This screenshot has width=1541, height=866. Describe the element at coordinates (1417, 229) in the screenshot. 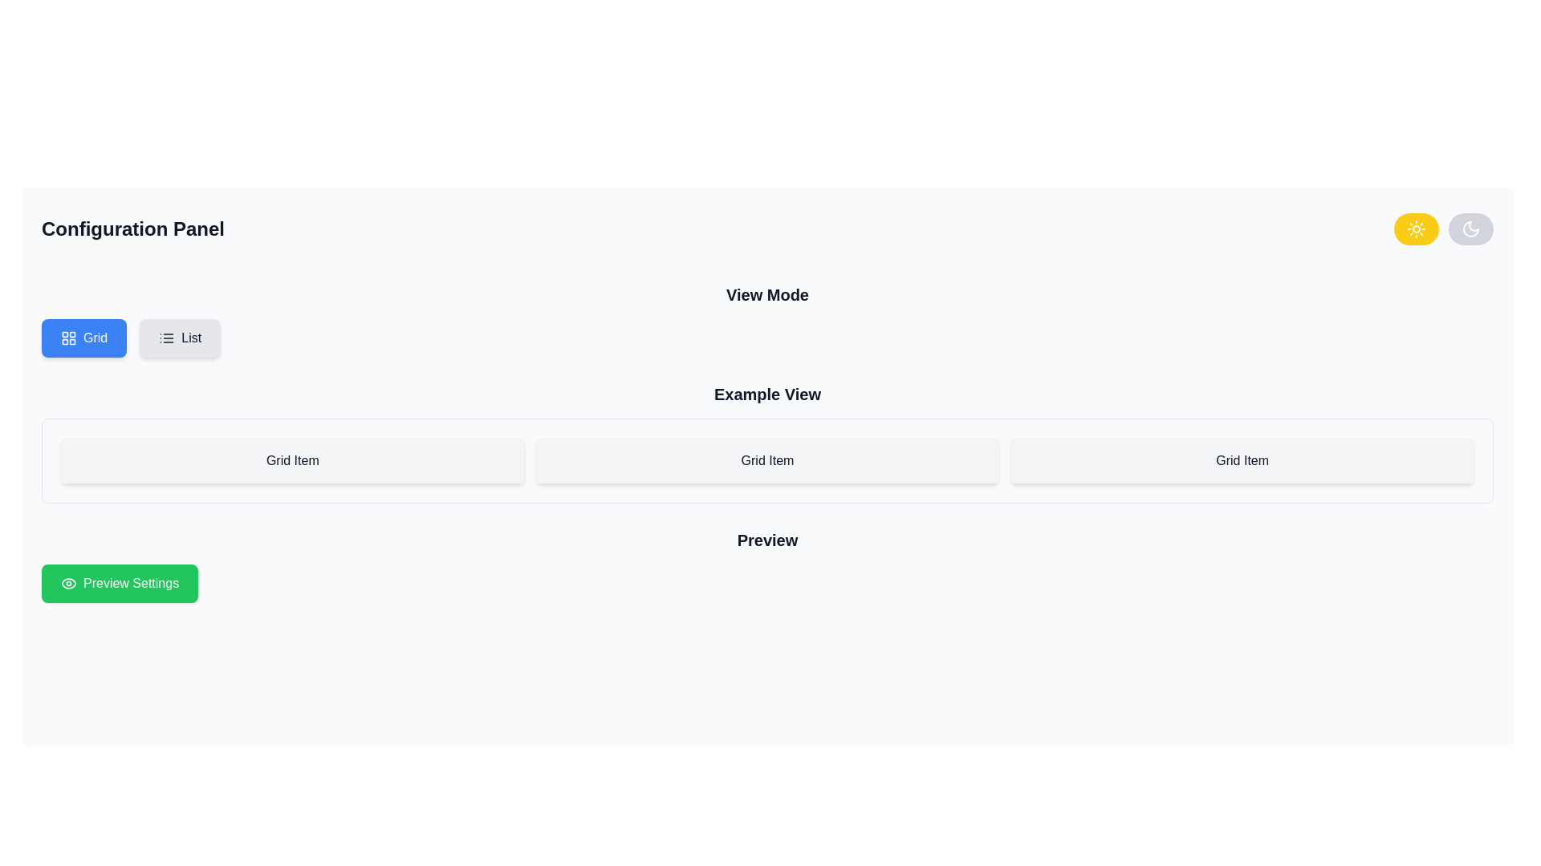

I see `the bright yellow circular button with a white sun icon in the top-right corner` at that location.